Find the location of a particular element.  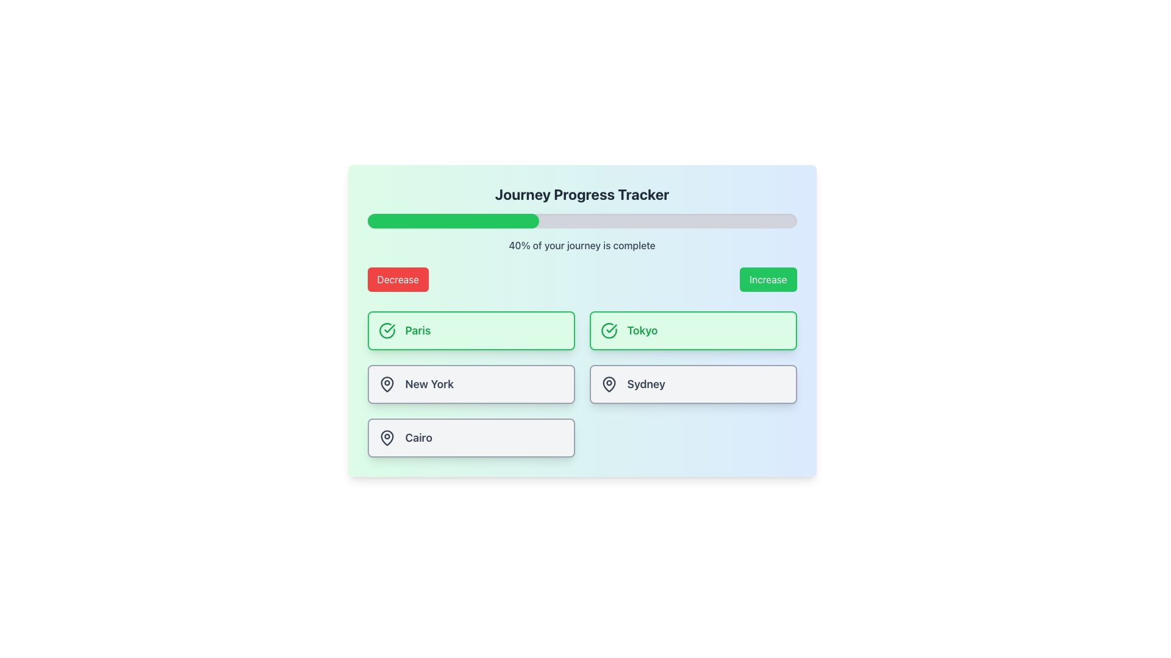

the location marker icon representing Sydney, which is the fourth item in the list of locations is located at coordinates (609, 384).